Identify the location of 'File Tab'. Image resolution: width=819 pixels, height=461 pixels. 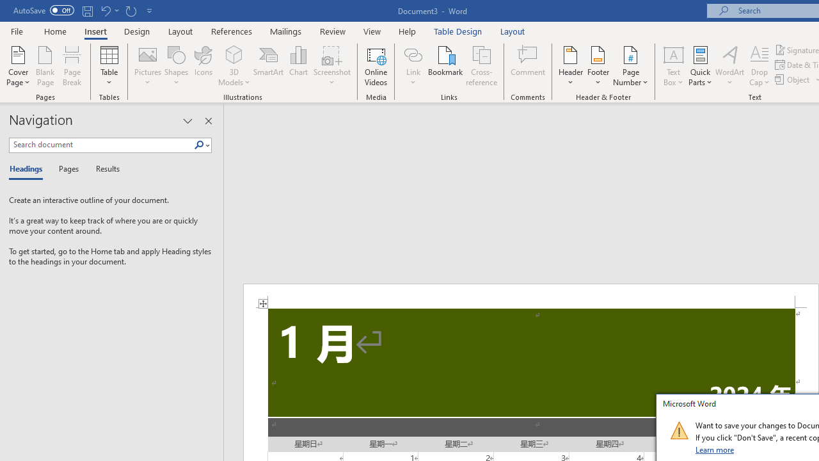
(17, 30).